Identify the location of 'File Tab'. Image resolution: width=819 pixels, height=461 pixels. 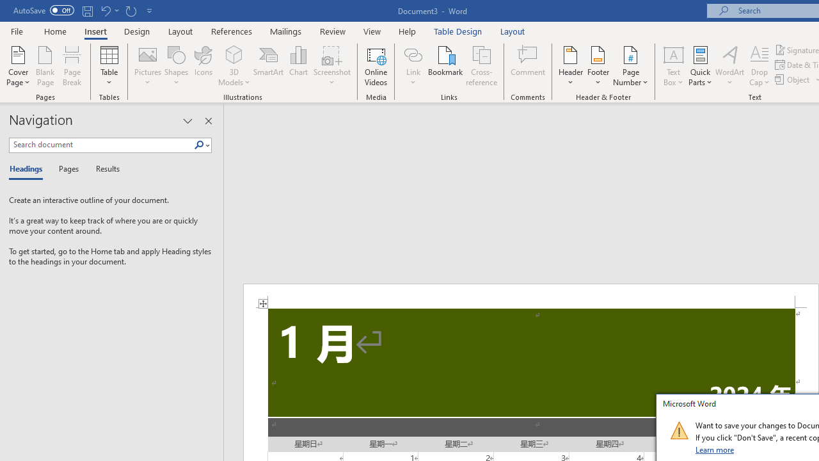
(17, 30).